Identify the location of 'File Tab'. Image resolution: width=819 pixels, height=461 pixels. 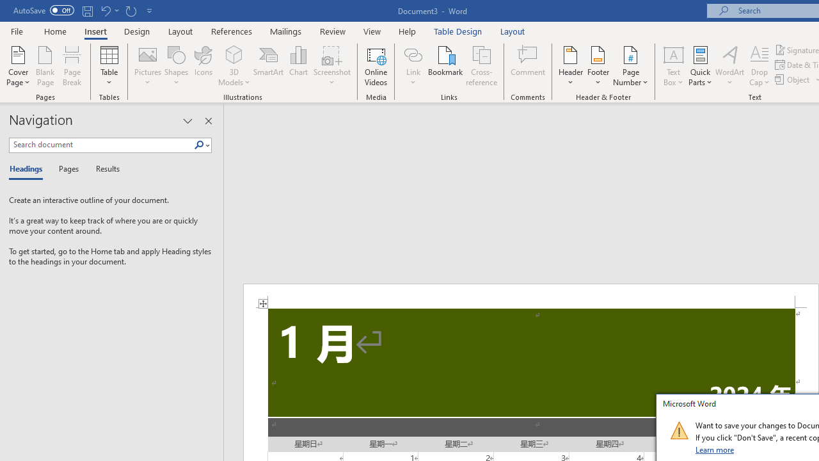
(17, 30).